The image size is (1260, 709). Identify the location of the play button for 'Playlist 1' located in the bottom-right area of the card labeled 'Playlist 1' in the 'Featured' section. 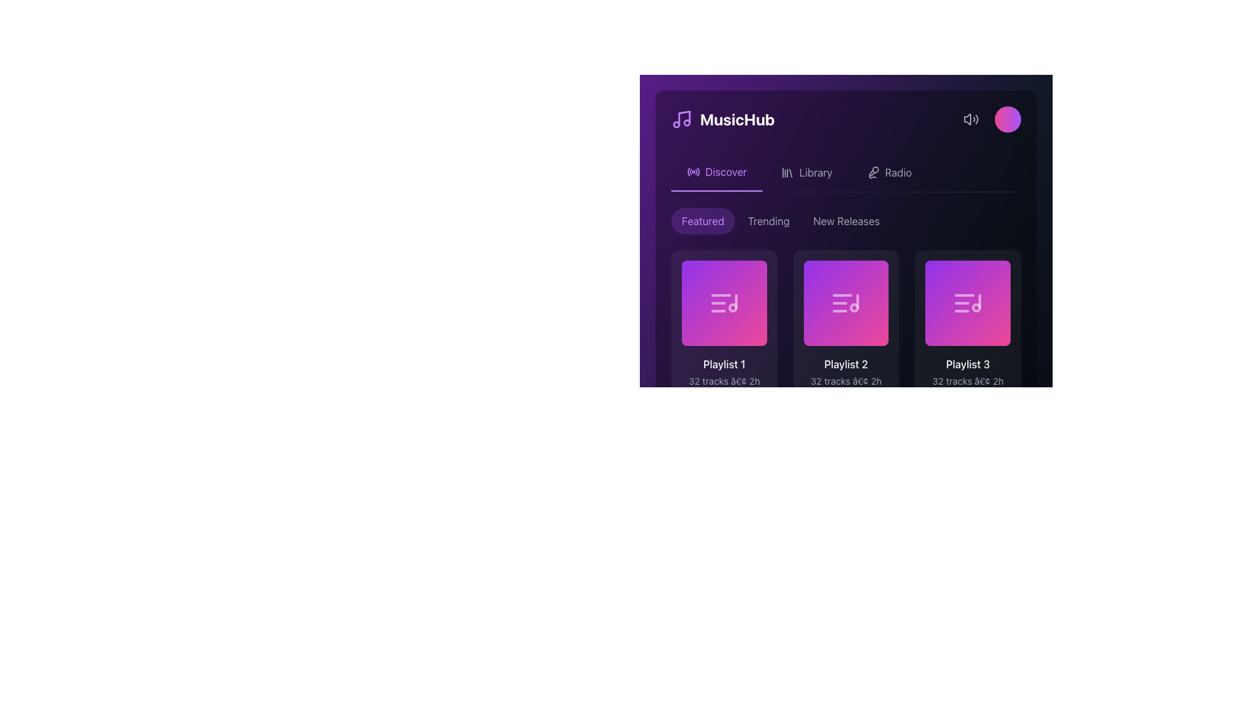
(740, 314).